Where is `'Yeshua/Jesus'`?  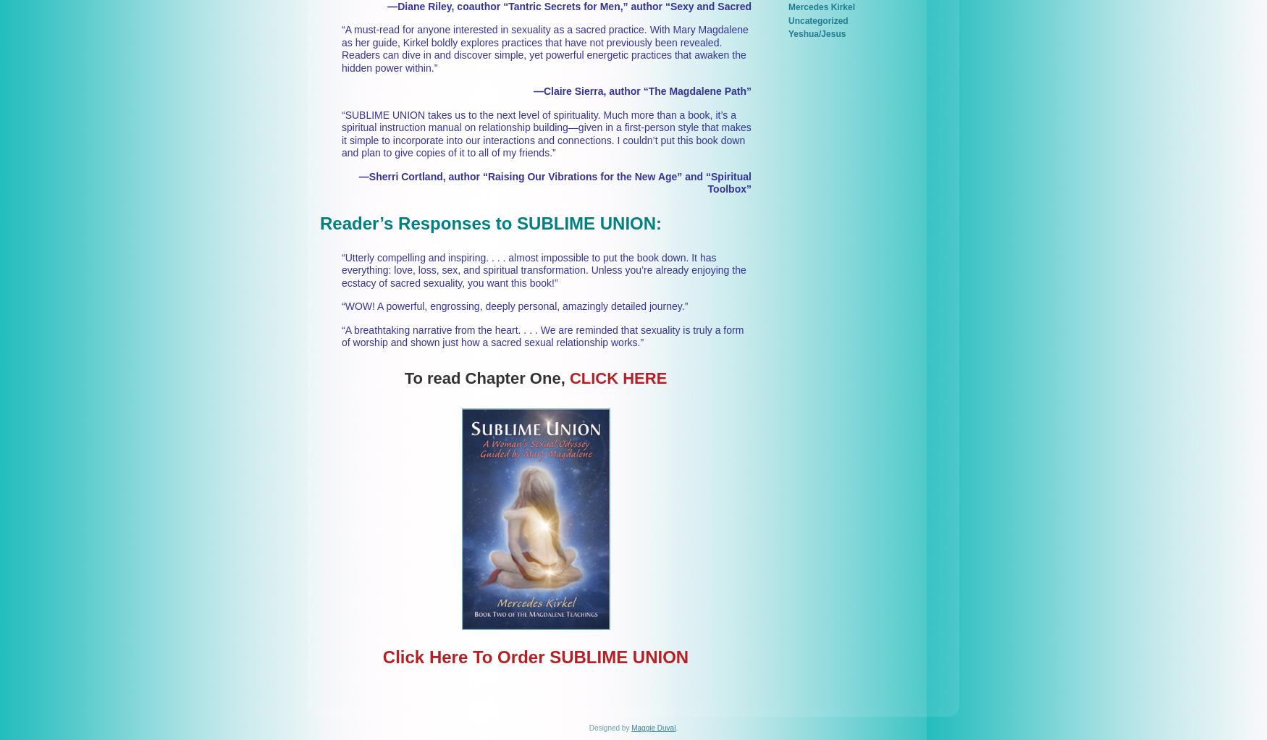
'Yeshua/Jesus' is located at coordinates (816, 34).